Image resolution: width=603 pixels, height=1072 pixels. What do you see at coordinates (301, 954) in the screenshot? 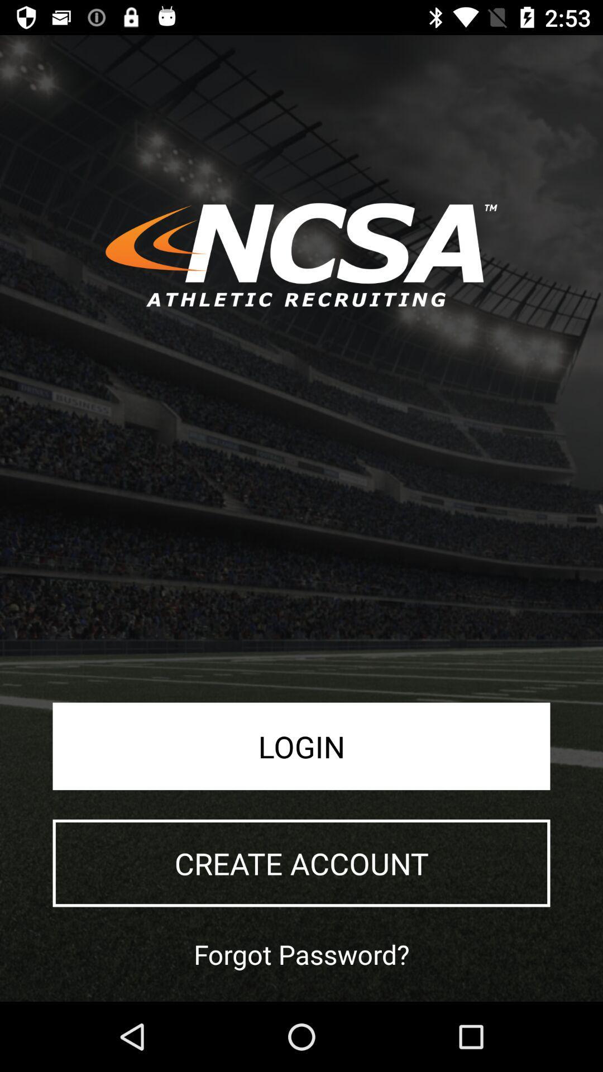
I see `icon below create account item` at bounding box center [301, 954].